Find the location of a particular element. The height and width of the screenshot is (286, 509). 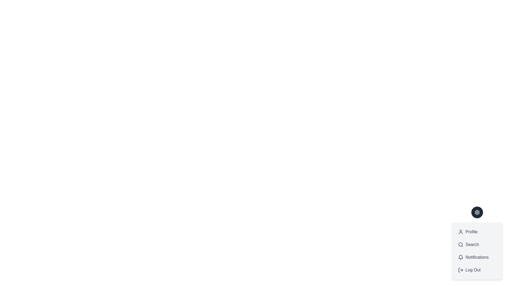

text content of the 'Profile' label displayed in medium gray font located at the top position under the user icon in the right-side drop-down menu is located at coordinates (471, 231).